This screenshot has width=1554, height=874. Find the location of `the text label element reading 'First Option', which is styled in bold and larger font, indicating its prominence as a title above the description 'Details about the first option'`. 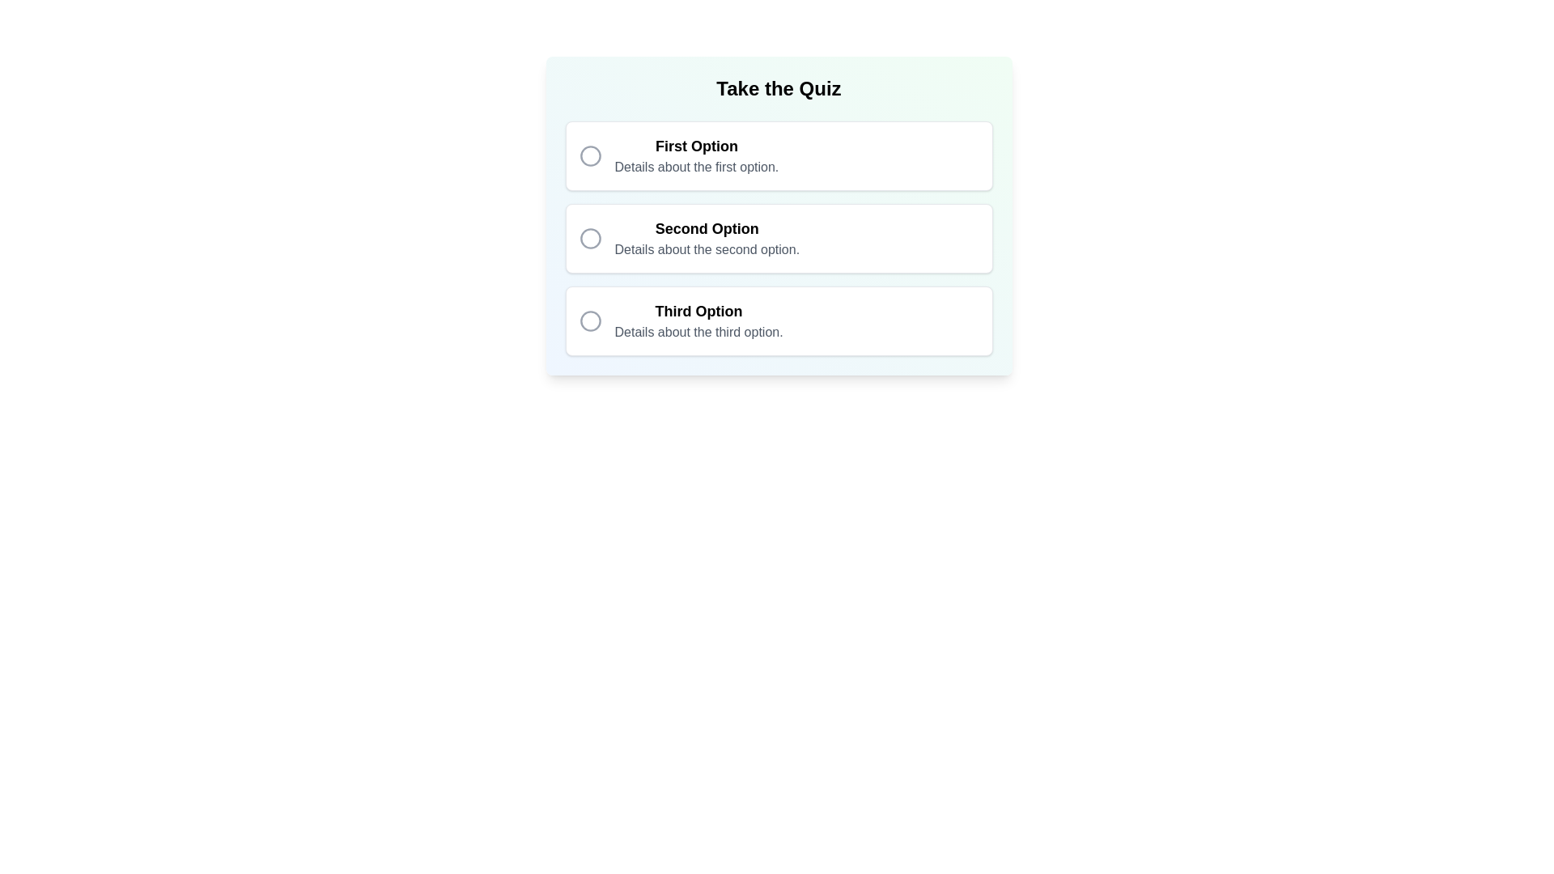

the text label element reading 'First Option', which is styled in bold and larger font, indicating its prominence as a title above the description 'Details about the first option' is located at coordinates (696, 146).